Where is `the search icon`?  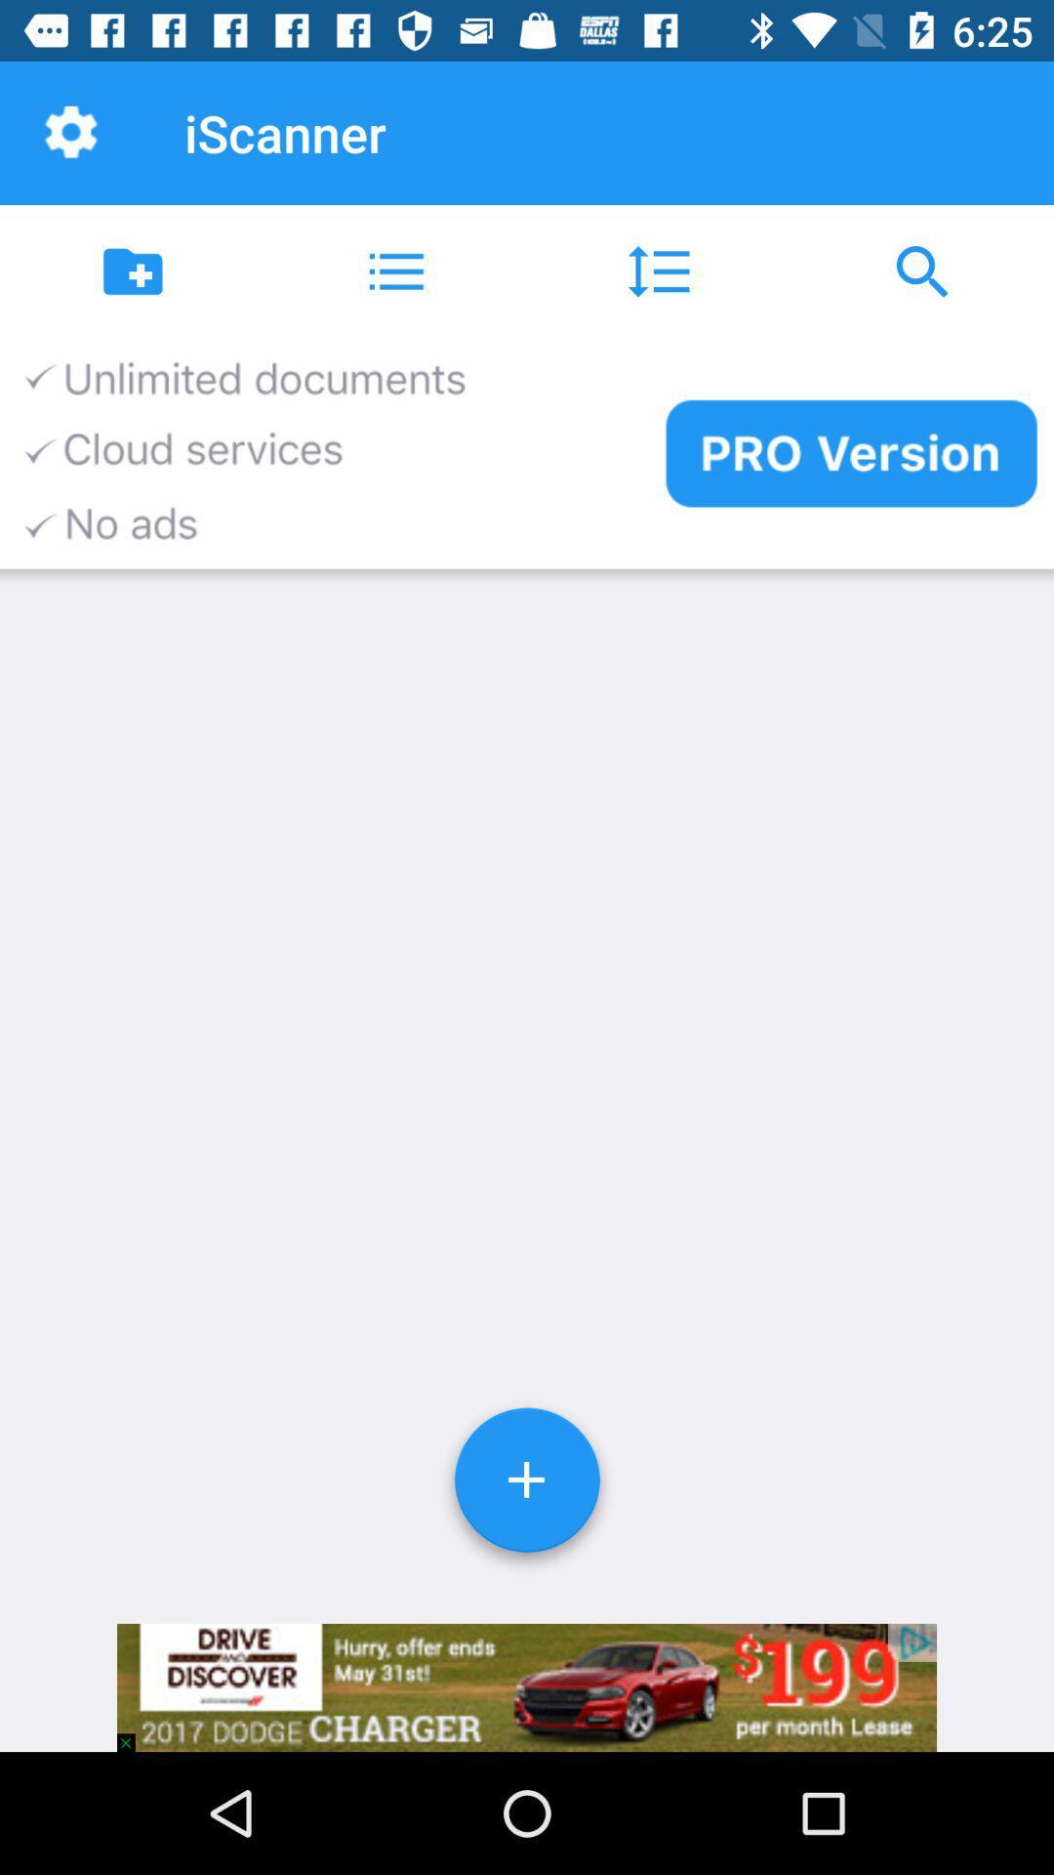
the search icon is located at coordinates (922, 271).